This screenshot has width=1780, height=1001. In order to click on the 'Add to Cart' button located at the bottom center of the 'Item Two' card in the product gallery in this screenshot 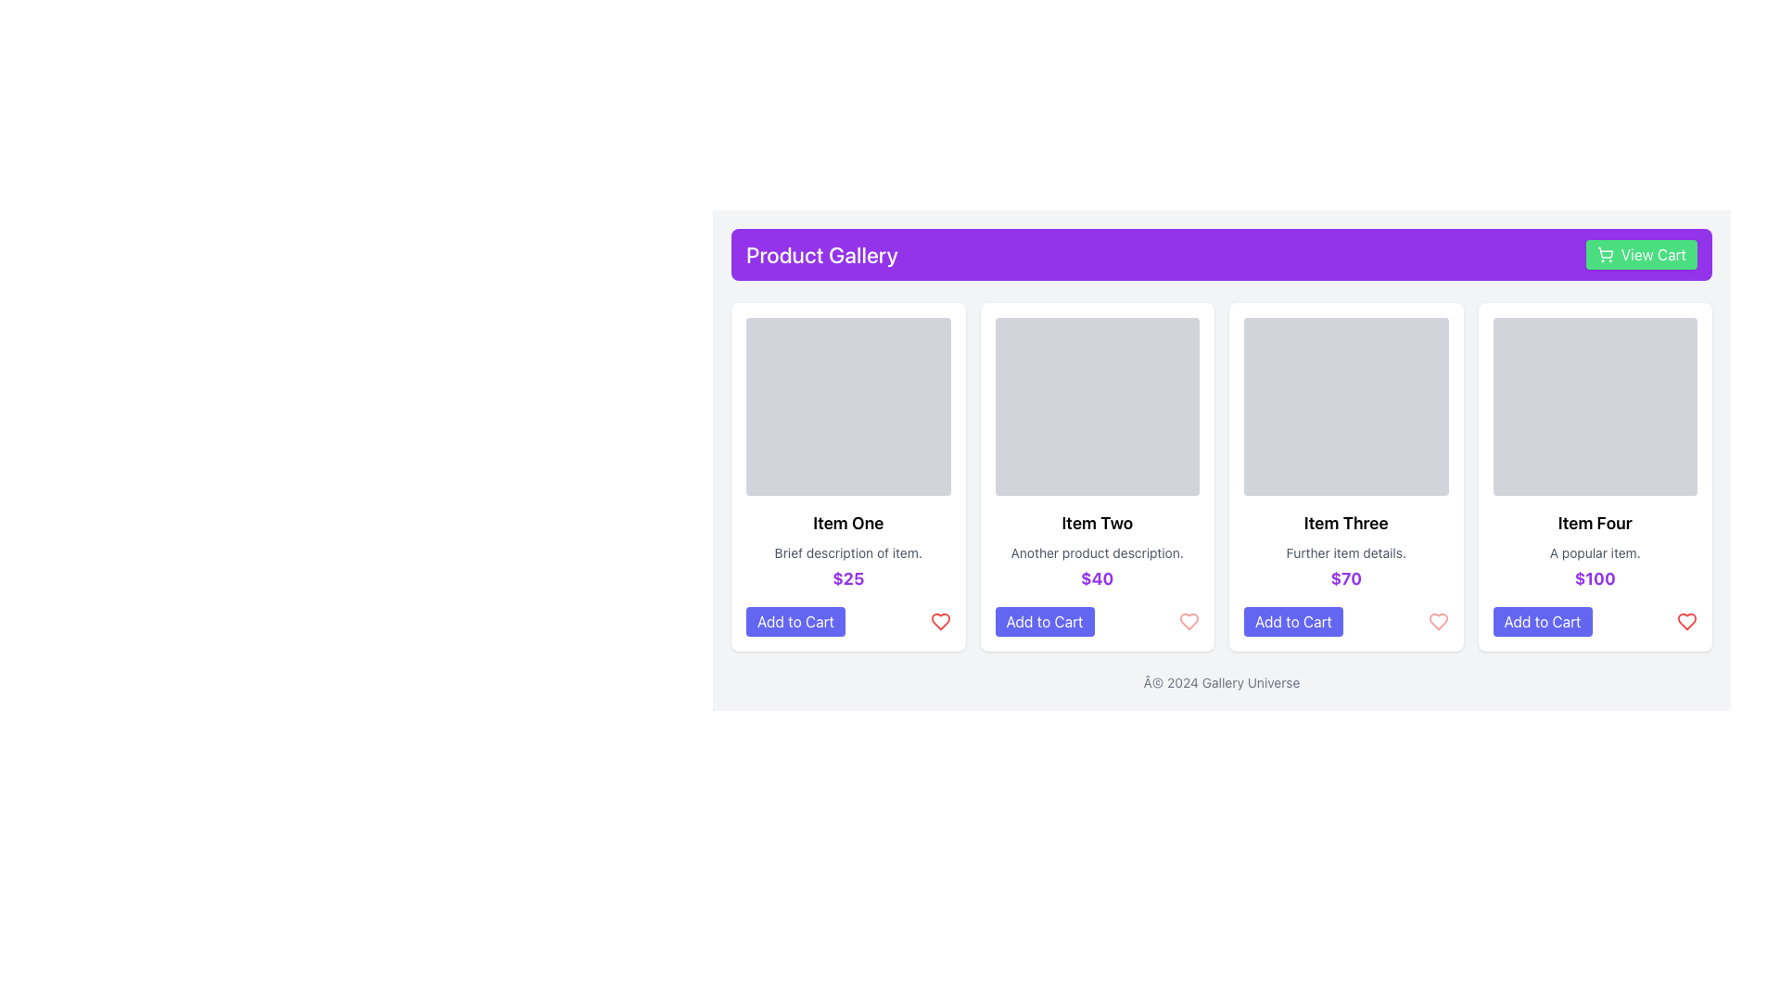, I will do `click(1045, 622)`.